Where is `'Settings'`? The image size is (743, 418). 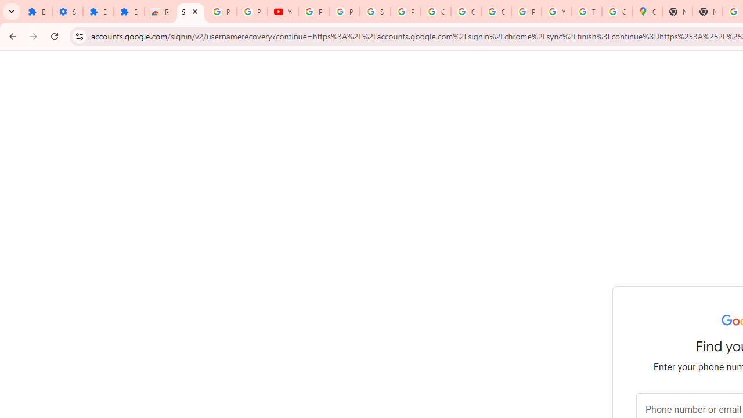
'Settings' is located at coordinates (67, 12).